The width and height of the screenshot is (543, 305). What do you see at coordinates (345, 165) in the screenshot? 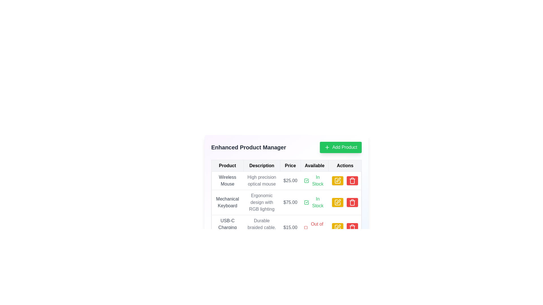
I see `the 'Actions' Table Header Label, which is the fifth label in a horizontal row, displayed in bold black font within a gray rectangle` at bounding box center [345, 165].